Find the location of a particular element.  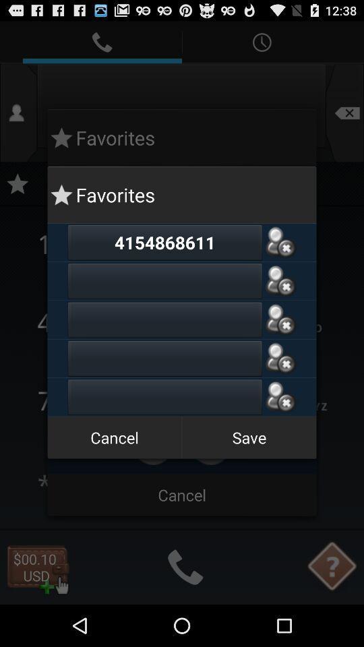

remove is located at coordinates (280, 319).